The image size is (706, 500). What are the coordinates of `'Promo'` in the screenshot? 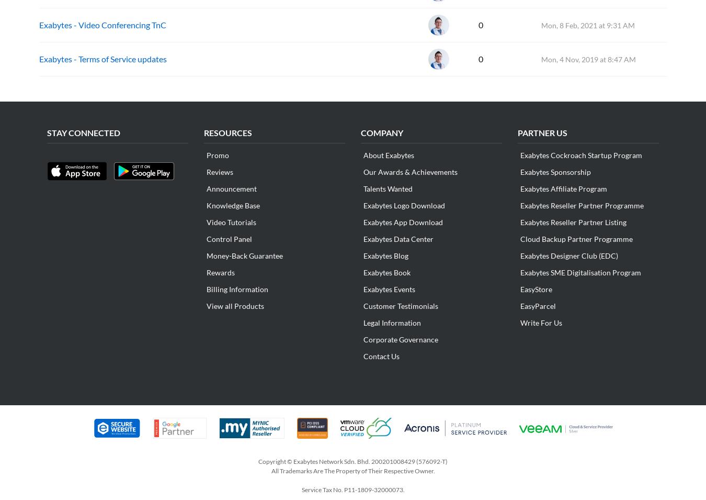 It's located at (218, 155).